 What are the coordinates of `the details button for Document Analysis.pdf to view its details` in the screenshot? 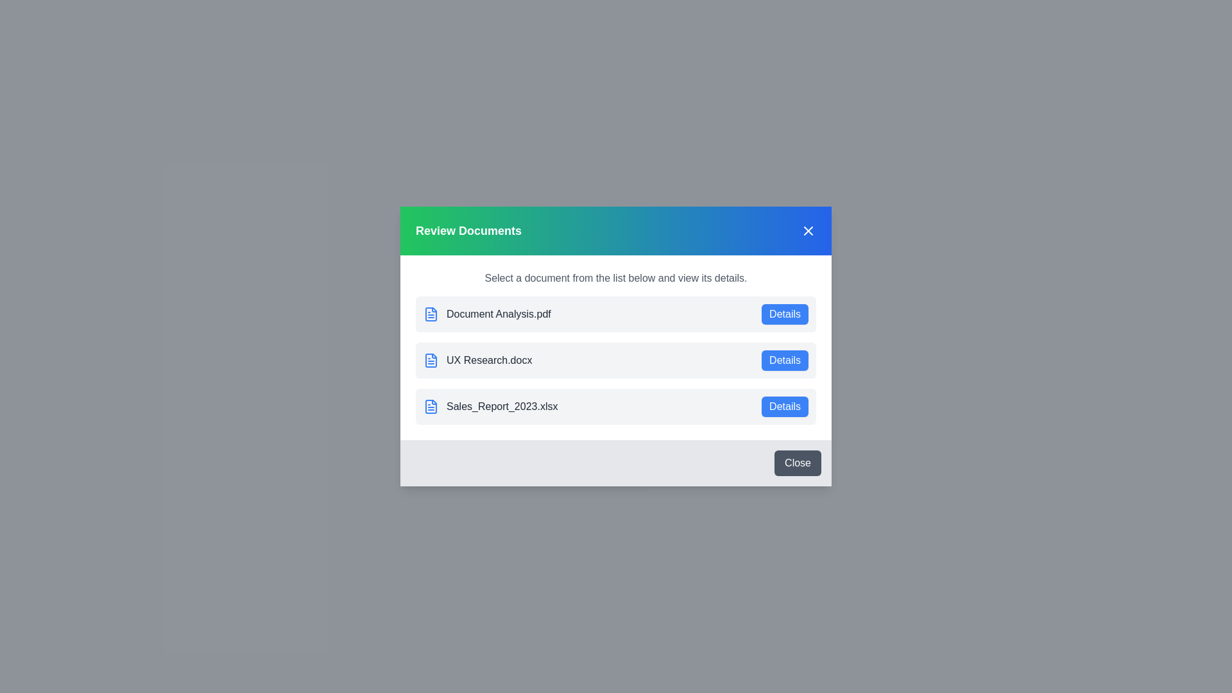 It's located at (784, 314).